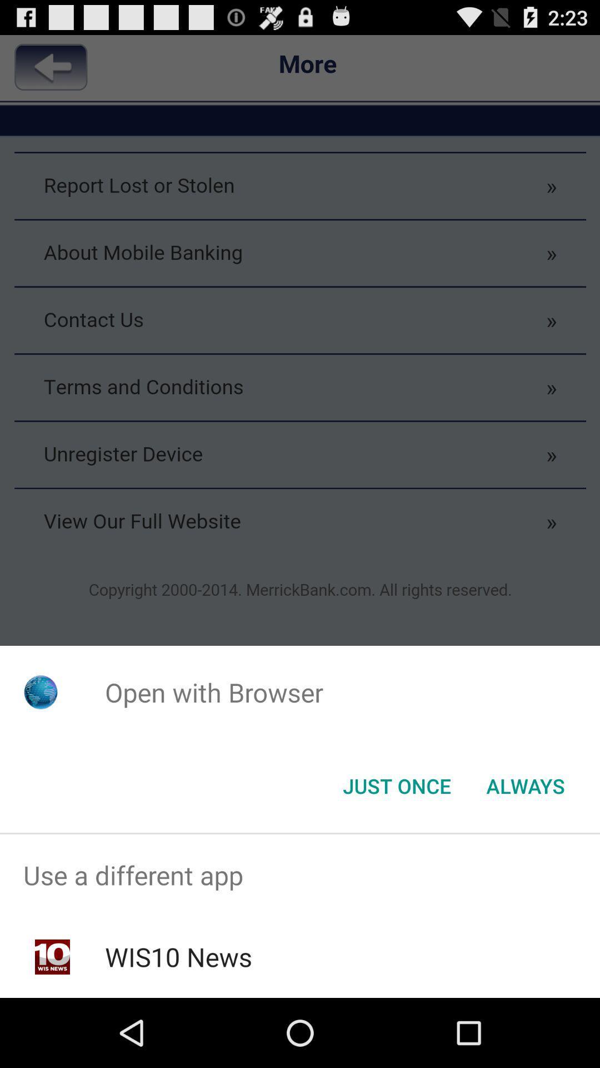 The height and width of the screenshot is (1068, 600). I want to click on use a different app, so click(300, 874).